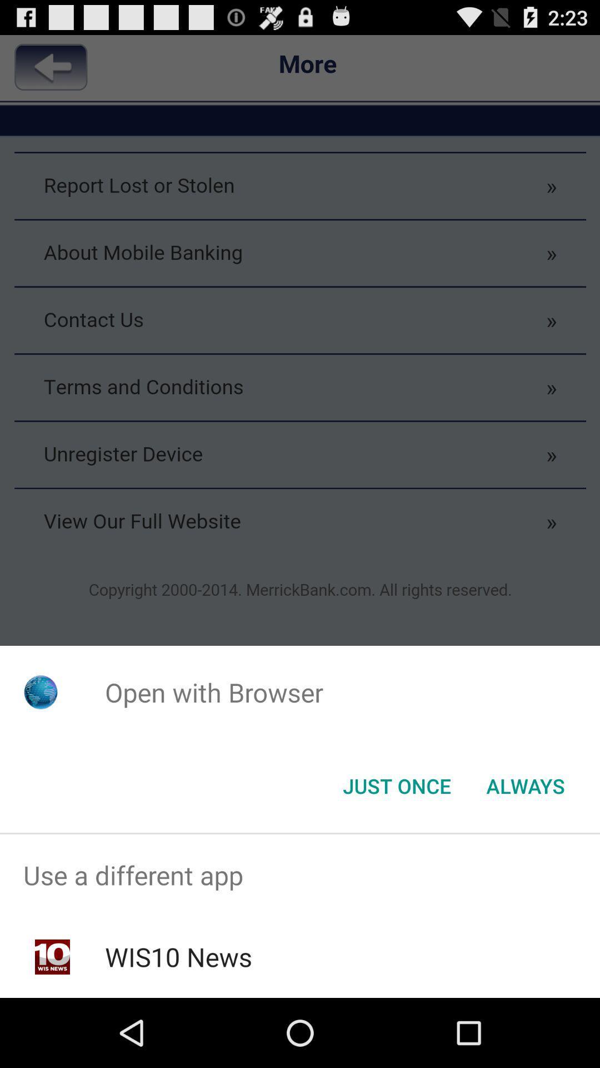 The height and width of the screenshot is (1068, 600). I want to click on use a different app, so click(300, 874).